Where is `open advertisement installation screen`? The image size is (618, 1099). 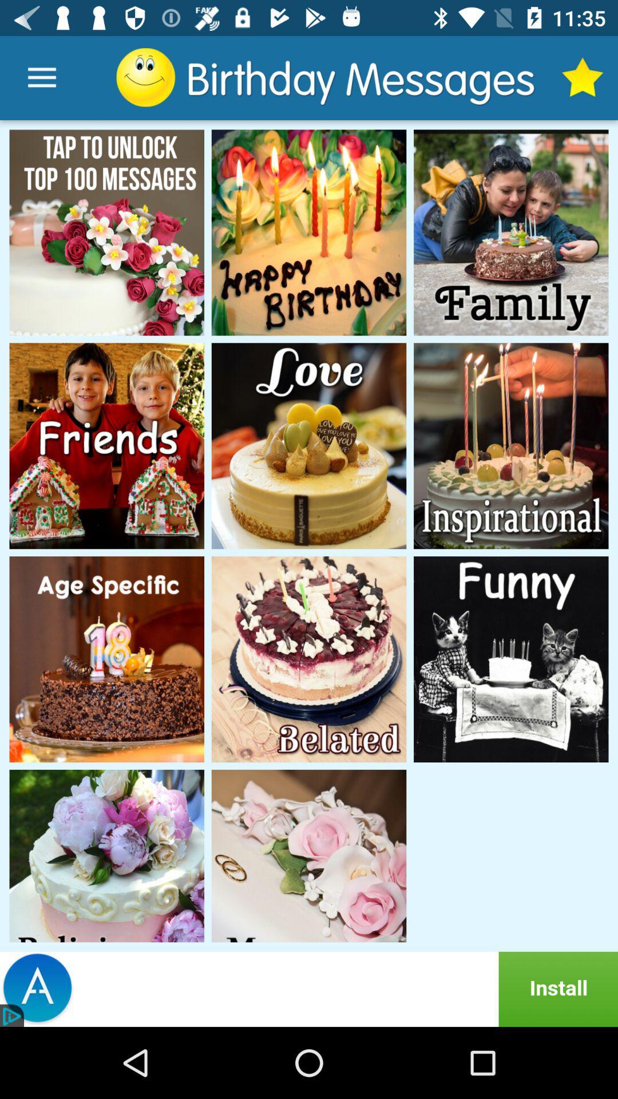 open advertisement installation screen is located at coordinates (309, 989).